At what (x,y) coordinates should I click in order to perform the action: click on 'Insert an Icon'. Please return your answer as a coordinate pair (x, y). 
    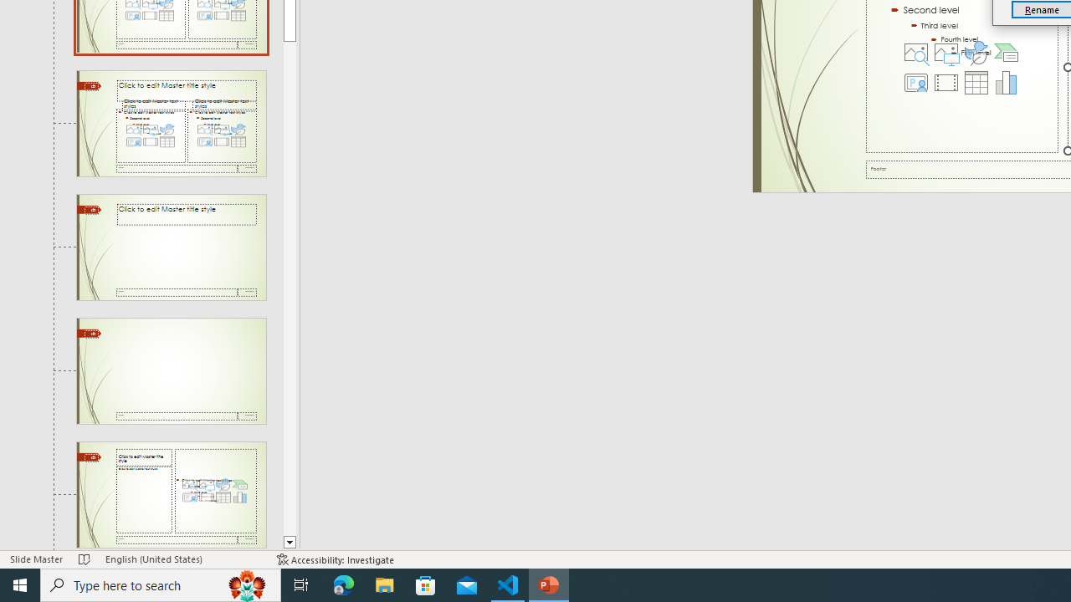
    Looking at the image, I should click on (976, 51).